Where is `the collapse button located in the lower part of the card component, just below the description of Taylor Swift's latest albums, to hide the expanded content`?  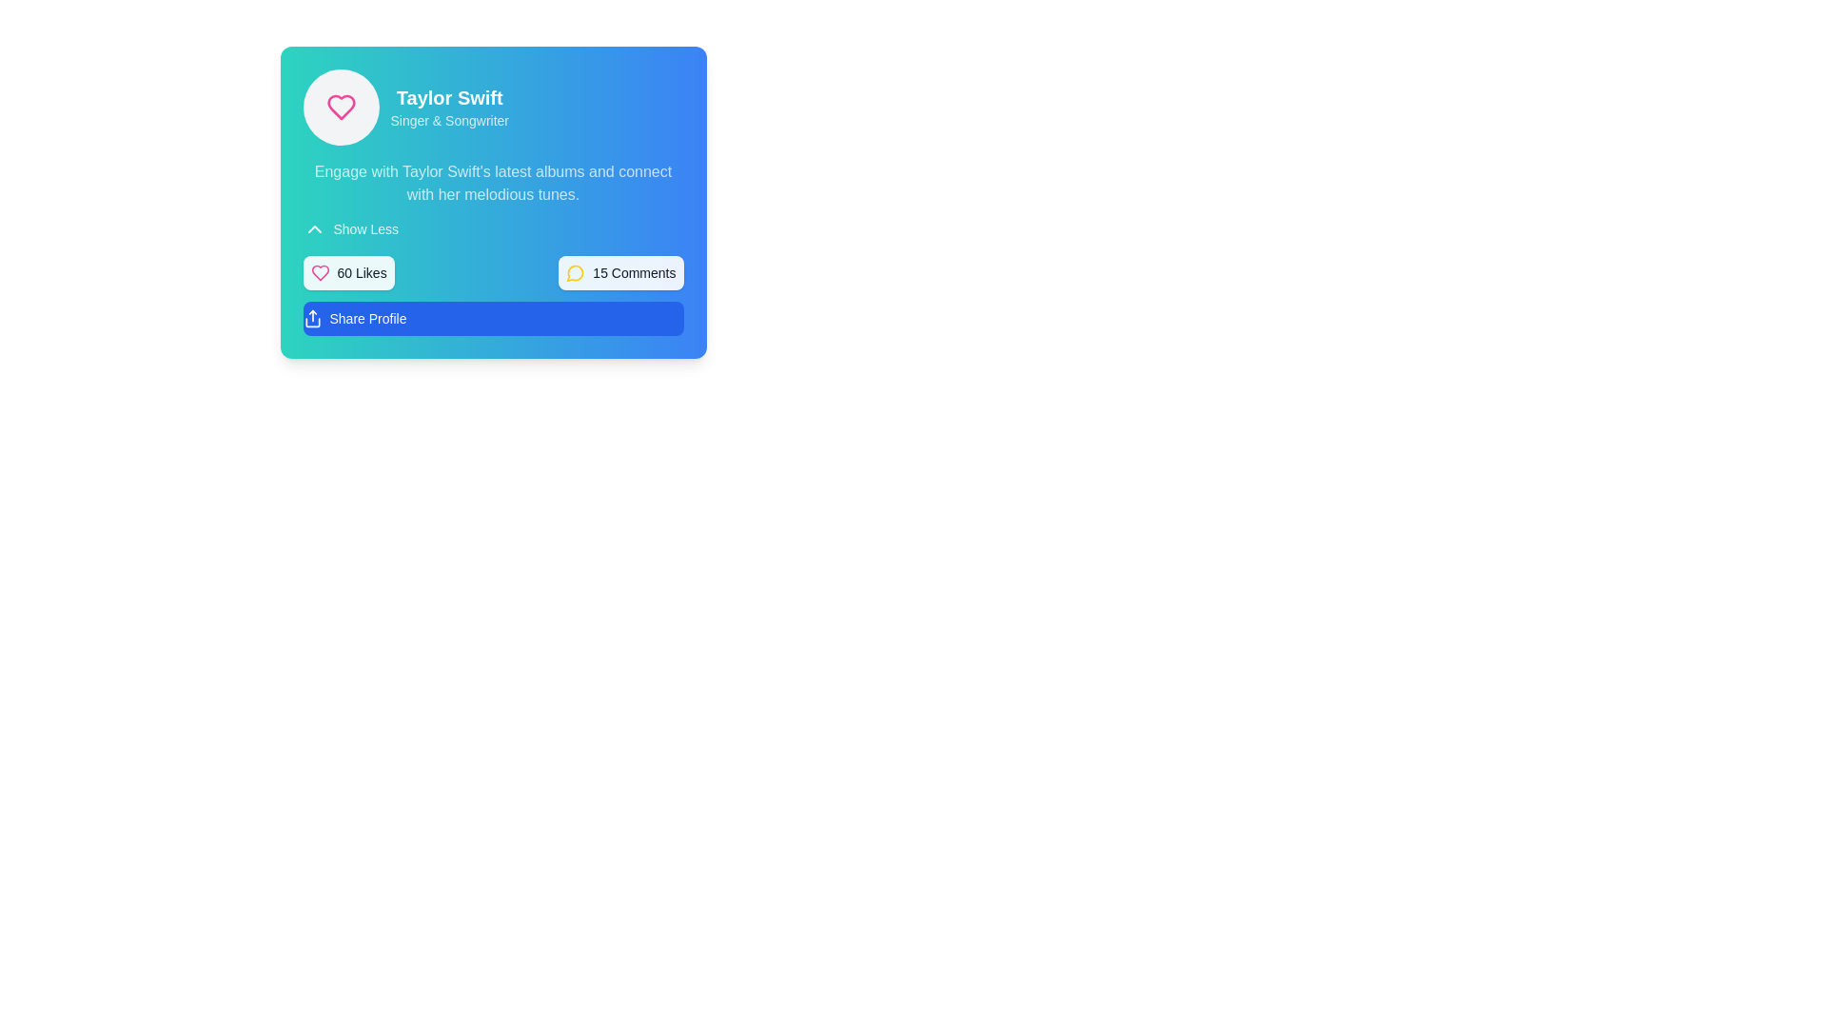
the collapse button located in the lower part of the card component, just below the description of Taylor Swift's latest albums, to hide the expanded content is located at coordinates (350, 227).